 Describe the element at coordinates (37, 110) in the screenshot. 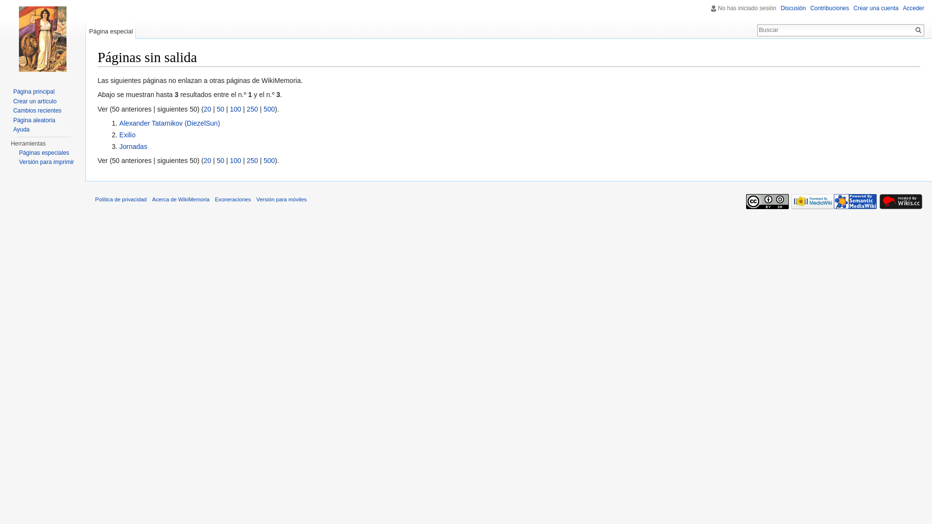

I see `'Cambios recientes'` at that location.